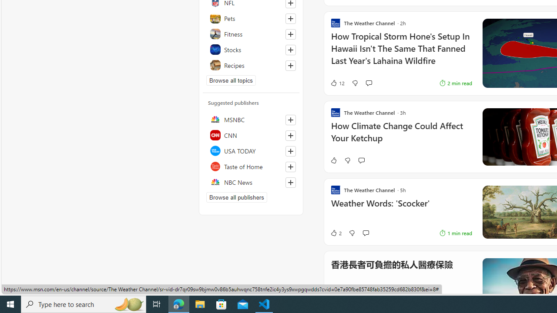  What do you see at coordinates (337, 83) in the screenshot?
I see `'12 Like'` at bounding box center [337, 83].